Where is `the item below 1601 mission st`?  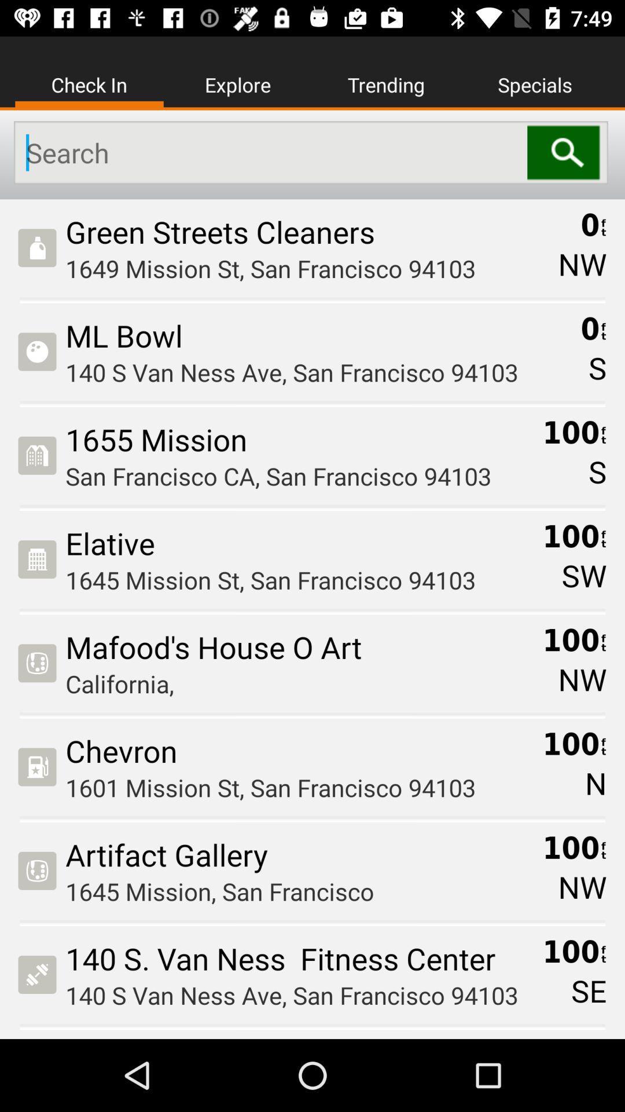 the item below 1601 mission st is located at coordinates (299, 854).